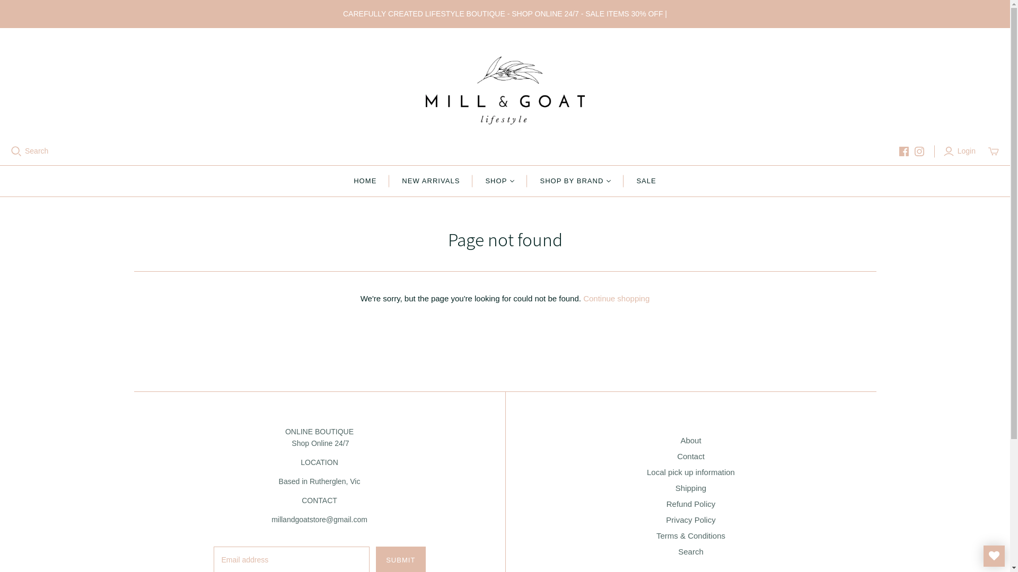  Describe the element at coordinates (616, 298) in the screenshot. I see `'Continue shopping'` at that location.